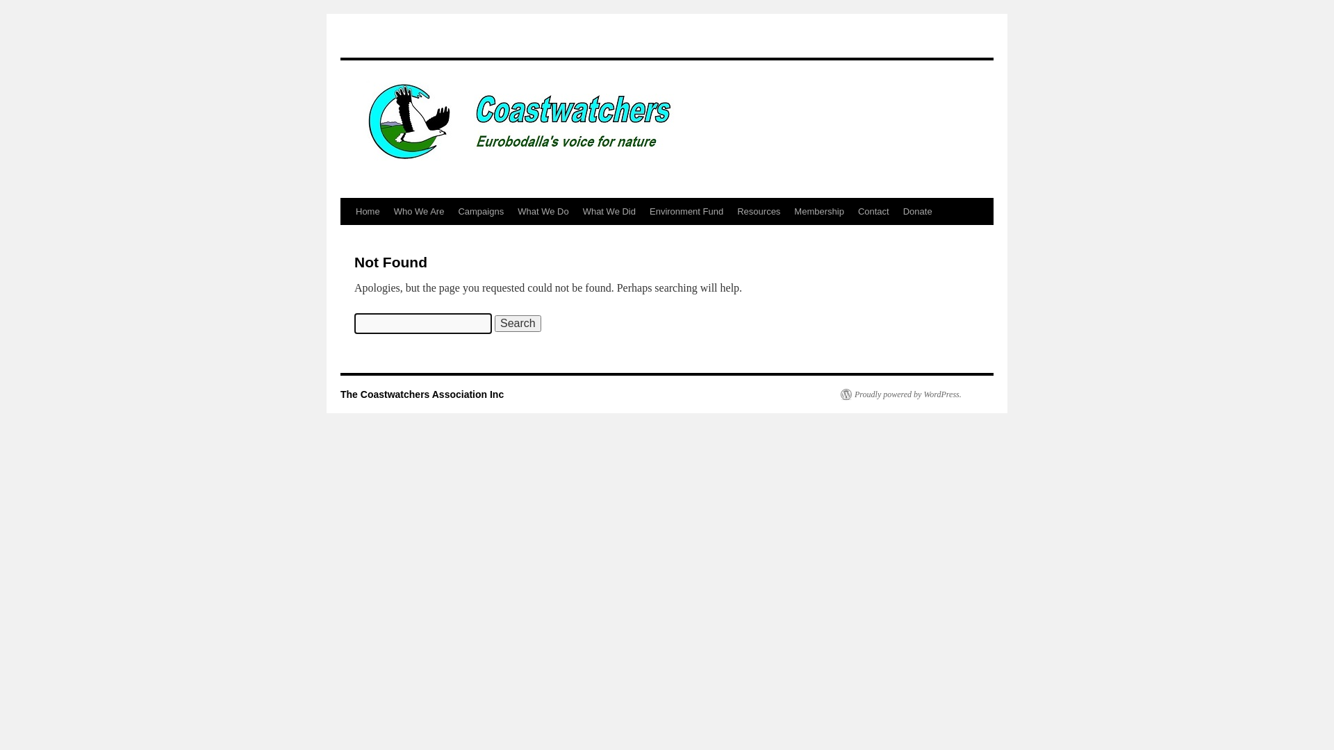 This screenshot has width=1334, height=750. Describe the element at coordinates (418, 211) in the screenshot. I see `'Who We Are'` at that location.